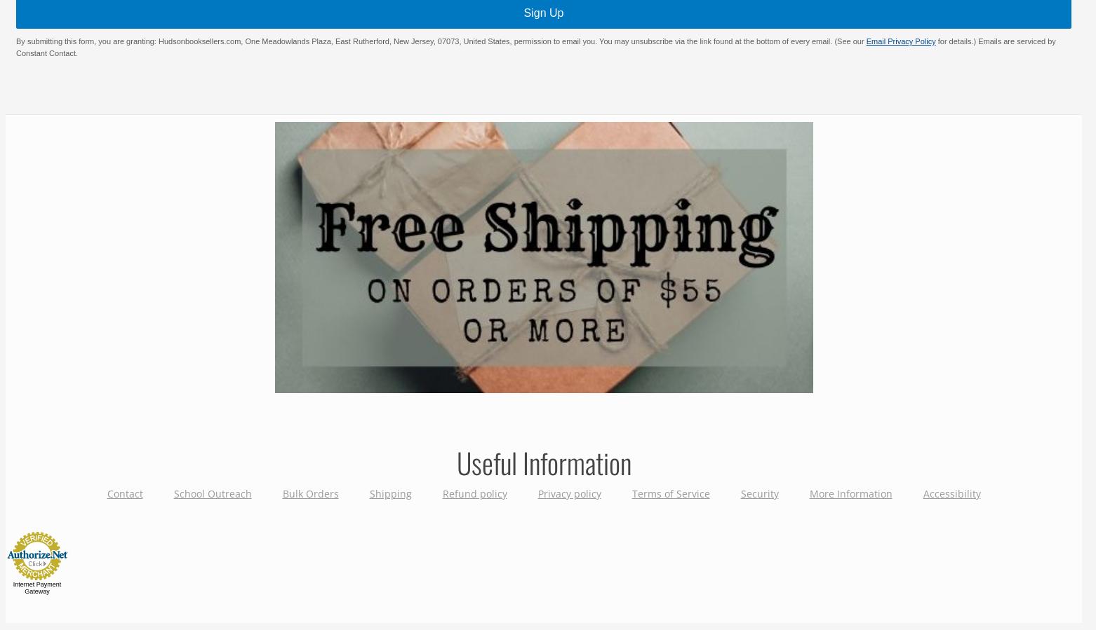 Image resolution: width=1096 pixels, height=630 pixels. Describe the element at coordinates (542, 460) in the screenshot. I see `'Useful Information'` at that location.